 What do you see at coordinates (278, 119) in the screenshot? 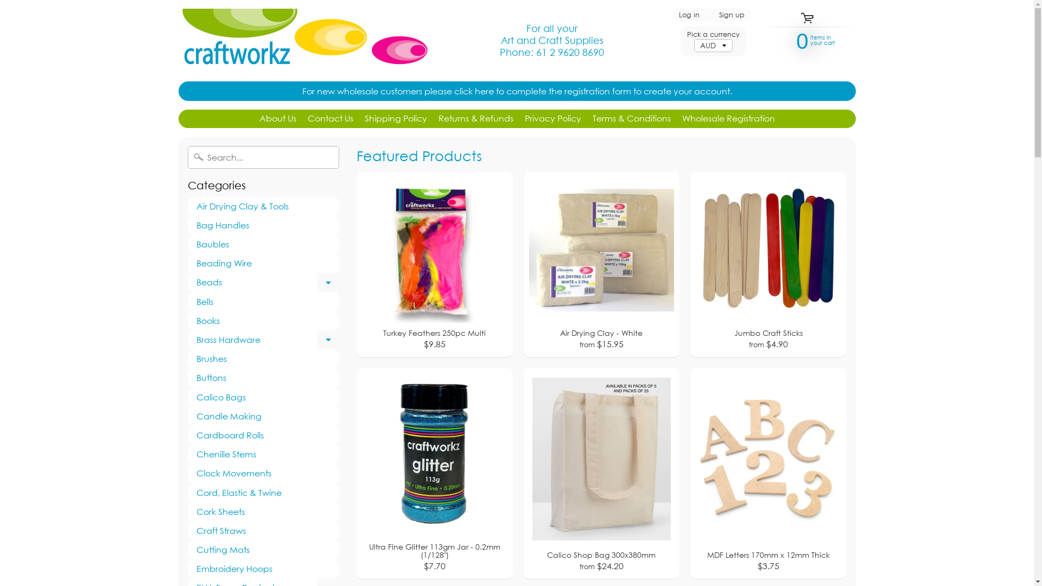
I see `'About Us'` at bounding box center [278, 119].